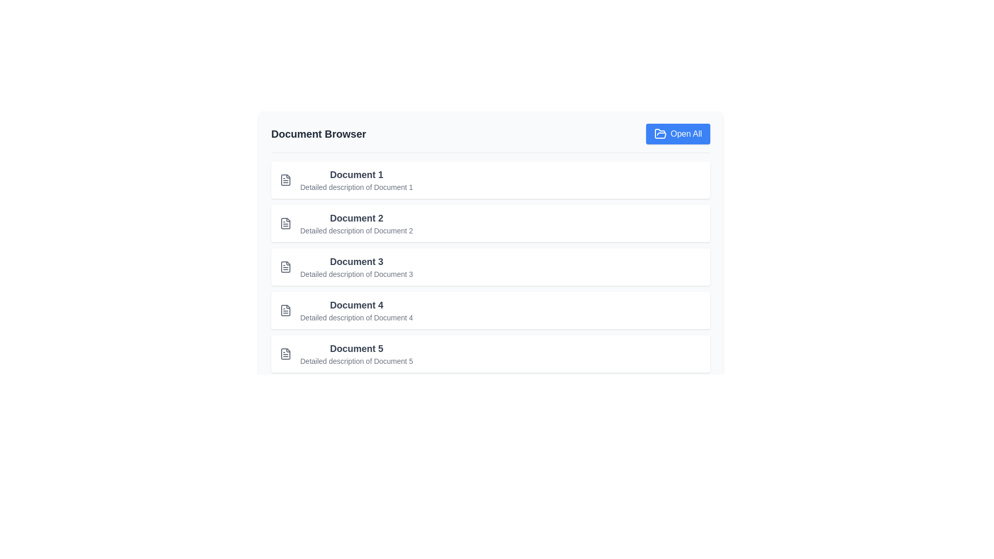  I want to click on the document-shaped icon with gray color located to the left of 'Document 3' in the third card of the vertically aligned list, so click(286, 267).